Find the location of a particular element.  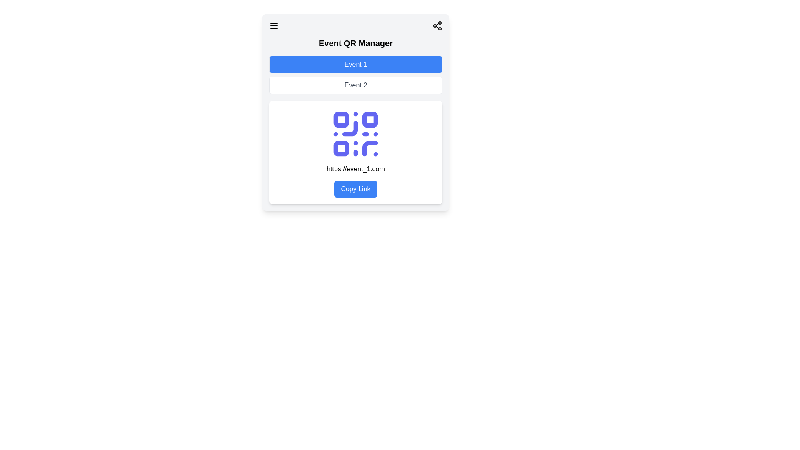

the 'Event 2' button located directly below the 'Event 1' button is located at coordinates (356, 85).